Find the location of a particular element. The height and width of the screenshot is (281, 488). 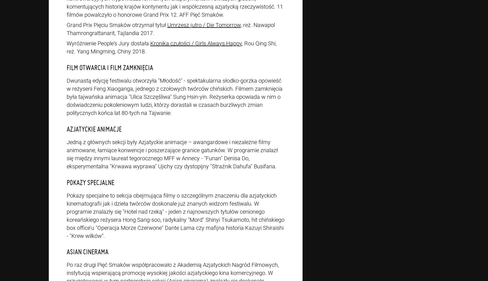

'Asian cinerama' is located at coordinates (87, 252).